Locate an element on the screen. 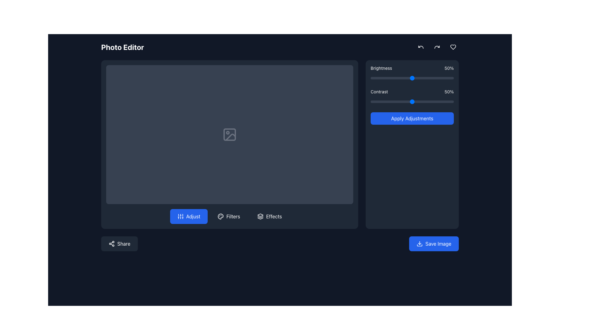 The width and height of the screenshot is (596, 335). the brightness label that displays the current value ('50%') positioned above the brightness adjustment slider in the control panel is located at coordinates (412, 68).